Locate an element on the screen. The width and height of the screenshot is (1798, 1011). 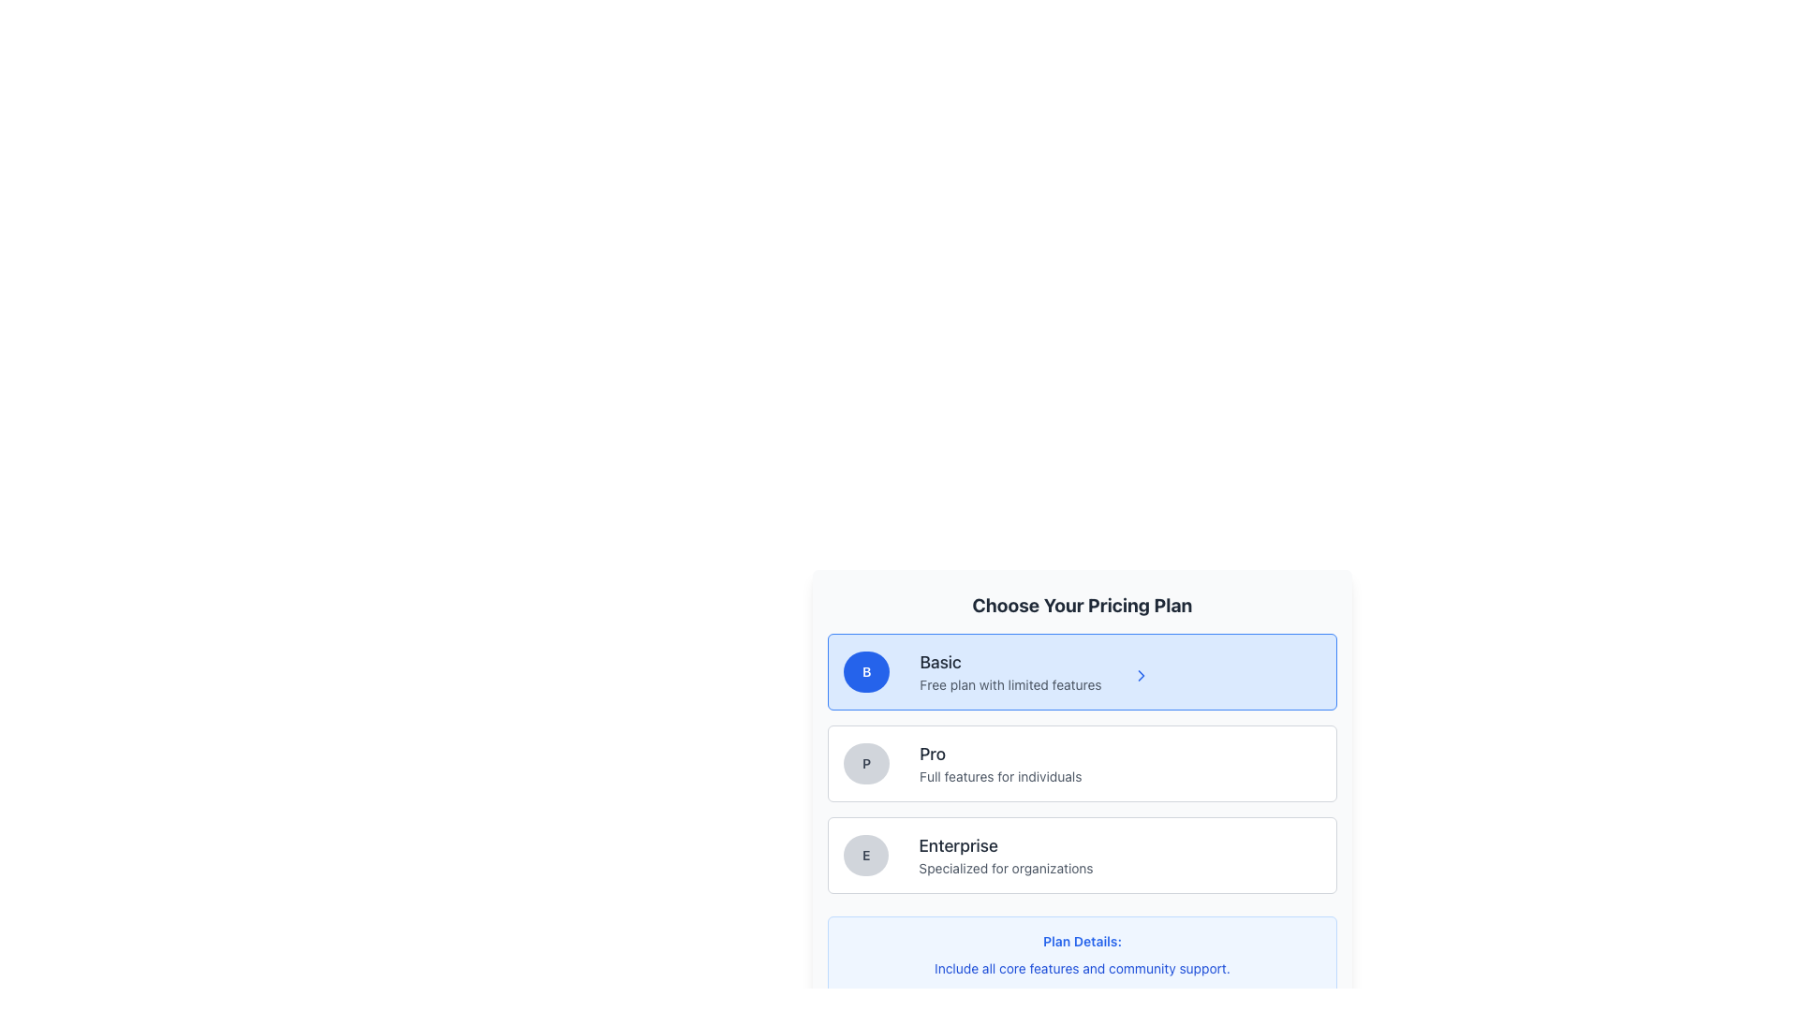
descriptive subtitle text located below the title 'Enterprise' in the 'Enterprise' pricing plan option, which is the second text element within this section is located at coordinates (1005, 869).